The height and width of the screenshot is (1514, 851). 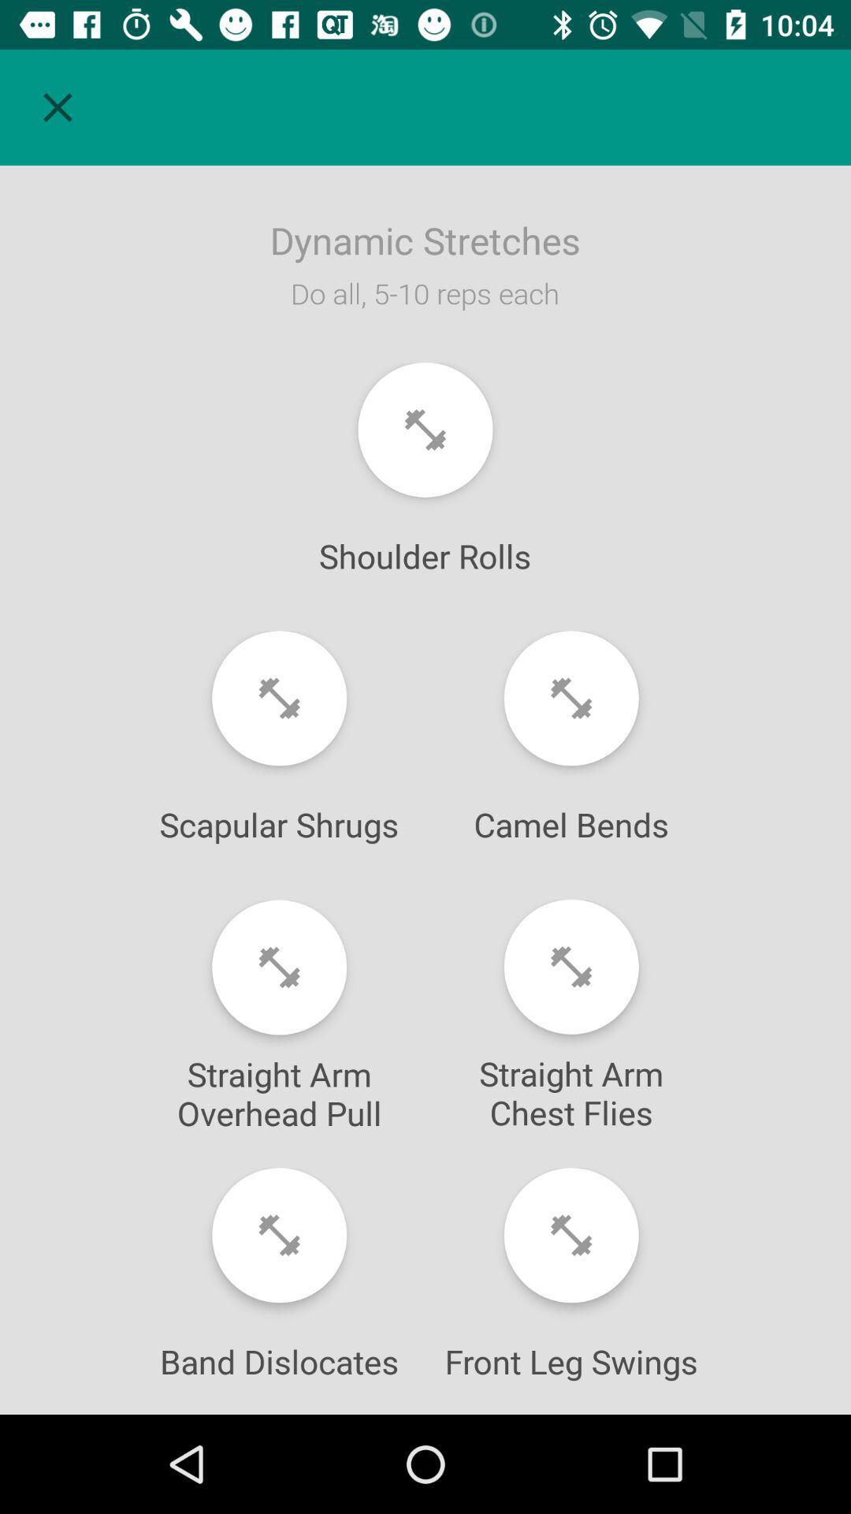 I want to click on the icon at the top left corner, so click(x=57, y=106).